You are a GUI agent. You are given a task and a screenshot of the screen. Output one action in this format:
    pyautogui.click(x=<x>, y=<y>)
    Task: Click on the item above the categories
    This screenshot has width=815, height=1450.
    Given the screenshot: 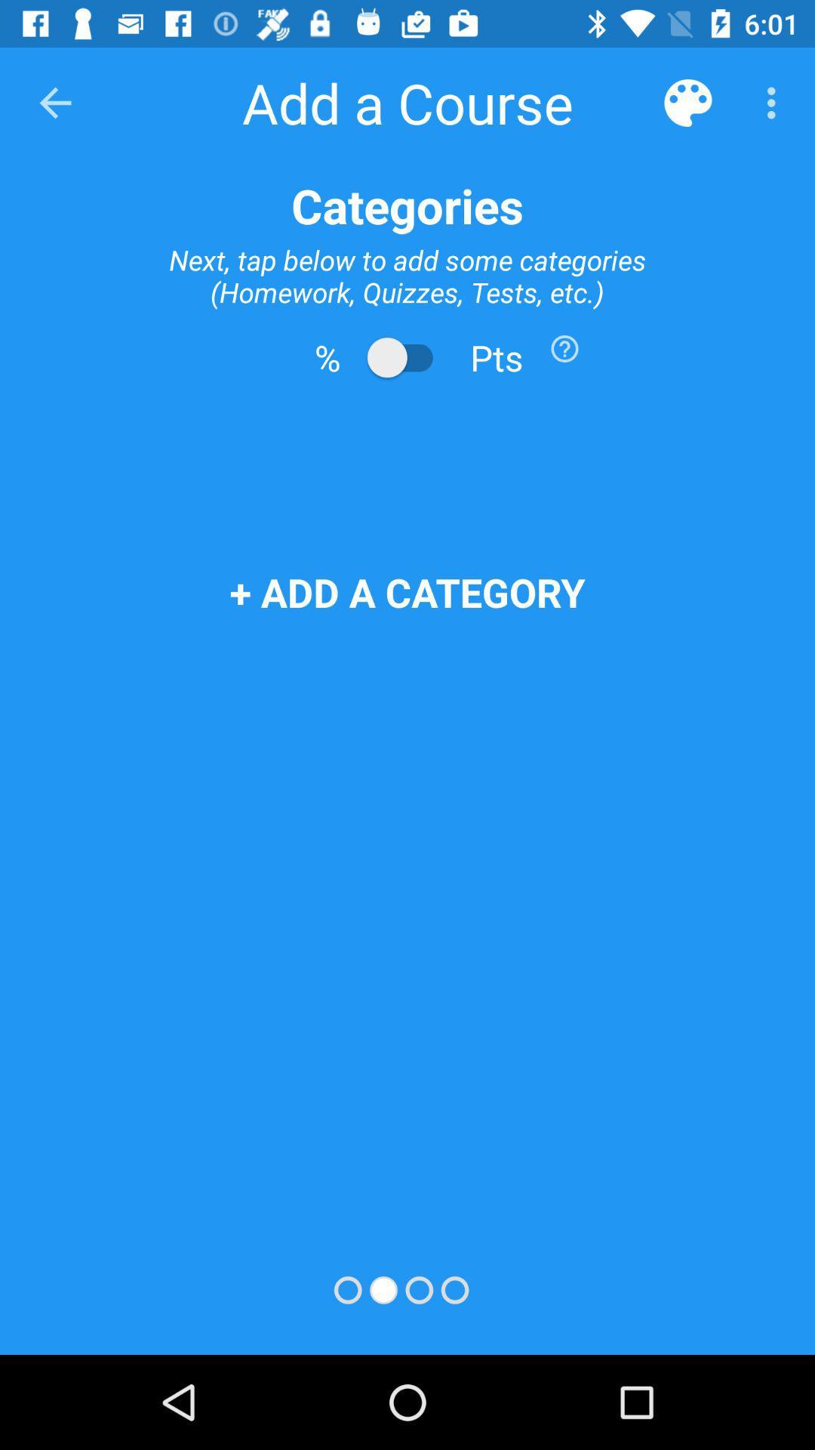 What is the action you would take?
    pyautogui.click(x=687, y=102)
    